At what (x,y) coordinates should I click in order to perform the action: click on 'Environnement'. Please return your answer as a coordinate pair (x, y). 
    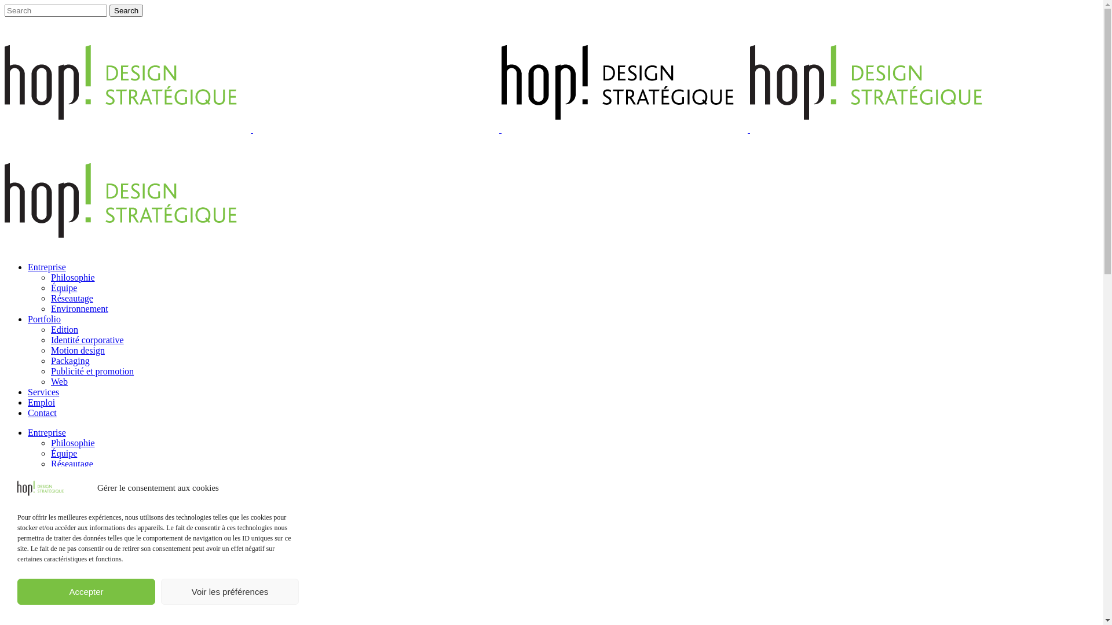
    Looking at the image, I should click on (79, 308).